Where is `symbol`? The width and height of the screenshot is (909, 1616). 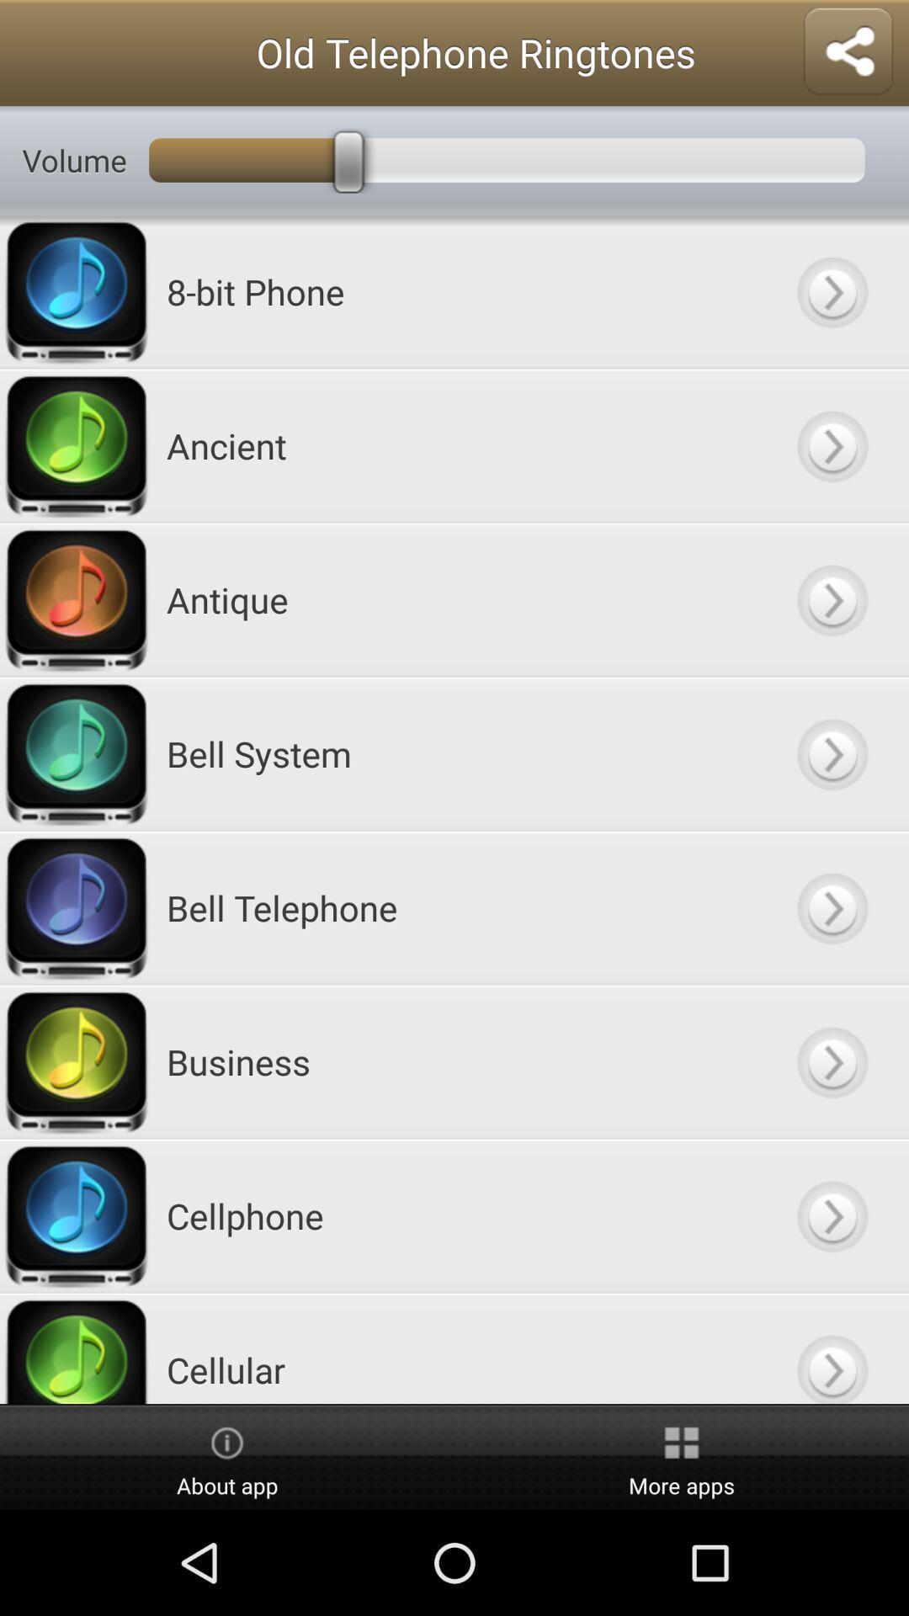
symbol is located at coordinates (831, 599).